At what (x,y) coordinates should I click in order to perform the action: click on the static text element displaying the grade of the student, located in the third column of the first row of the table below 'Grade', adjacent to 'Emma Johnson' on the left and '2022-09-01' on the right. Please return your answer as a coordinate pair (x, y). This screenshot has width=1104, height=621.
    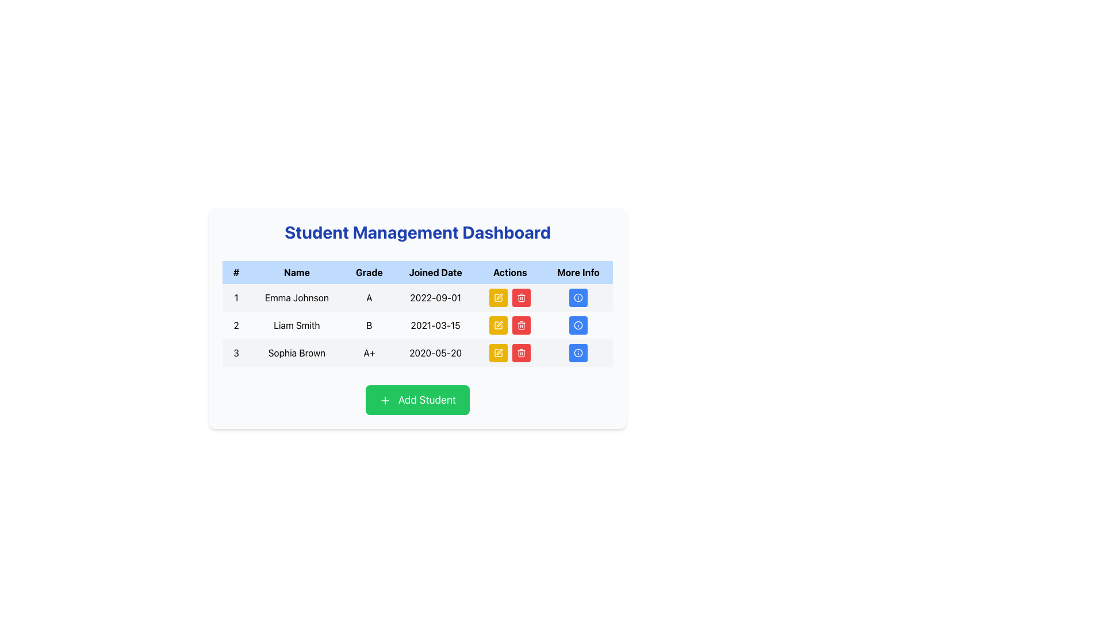
    Looking at the image, I should click on (369, 297).